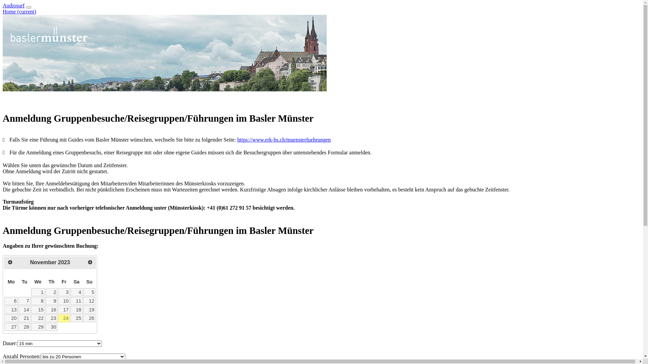  What do you see at coordinates (19, 11) in the screenshot?
I see `'Home (current)'` at bounding box center [19, 11].